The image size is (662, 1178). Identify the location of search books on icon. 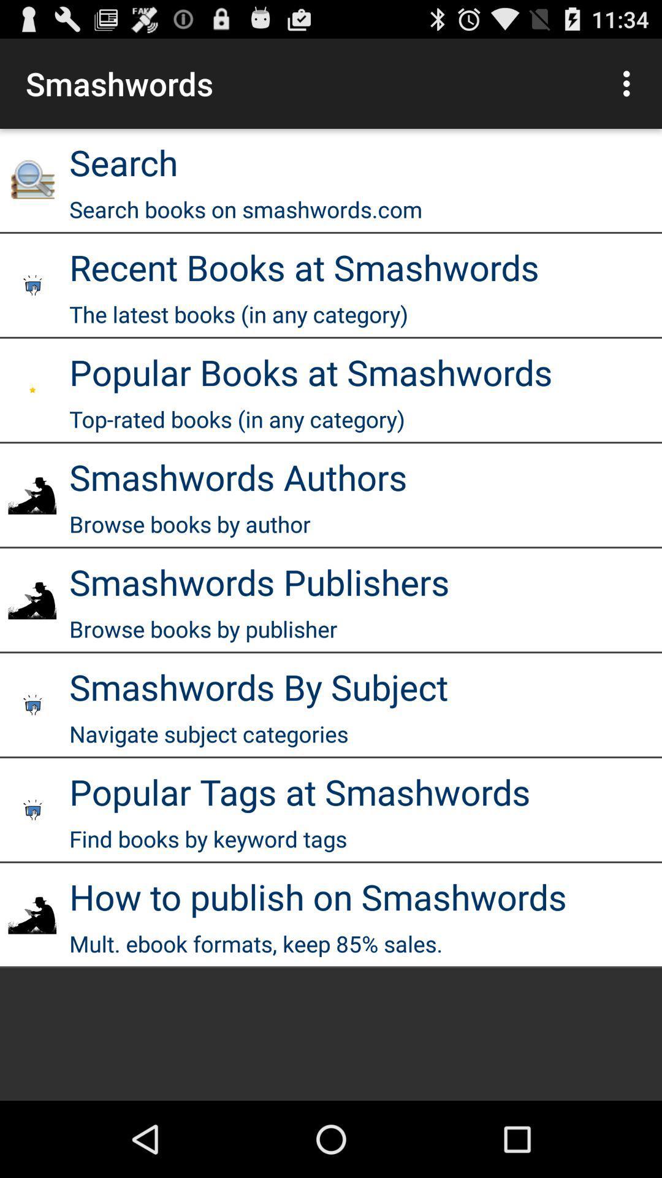
(246, 209).